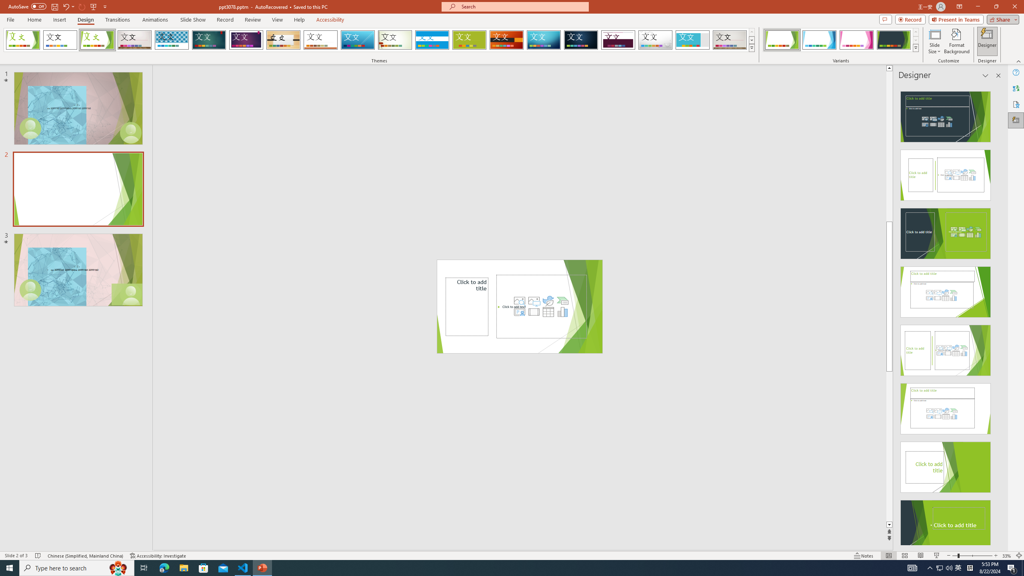  I want to click on 'Pictures', so click(534, 300).